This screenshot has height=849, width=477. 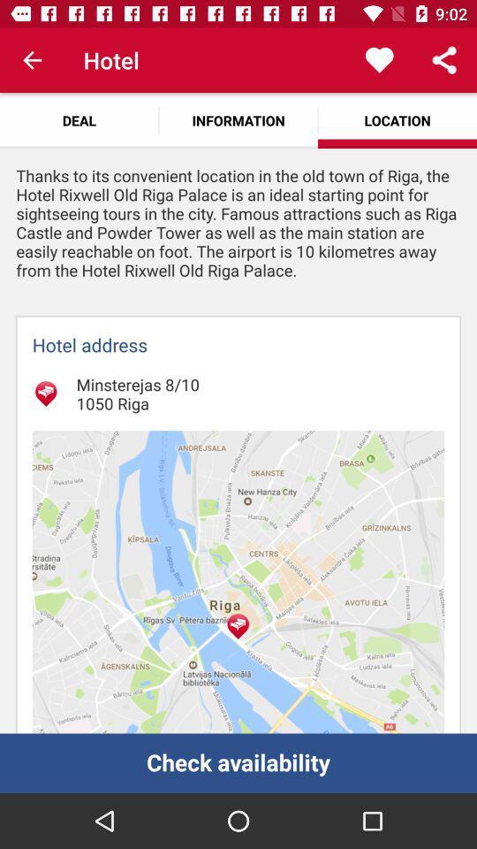 I want to click on item below minsterejas 8 10 item, so click(x=238, y=581).